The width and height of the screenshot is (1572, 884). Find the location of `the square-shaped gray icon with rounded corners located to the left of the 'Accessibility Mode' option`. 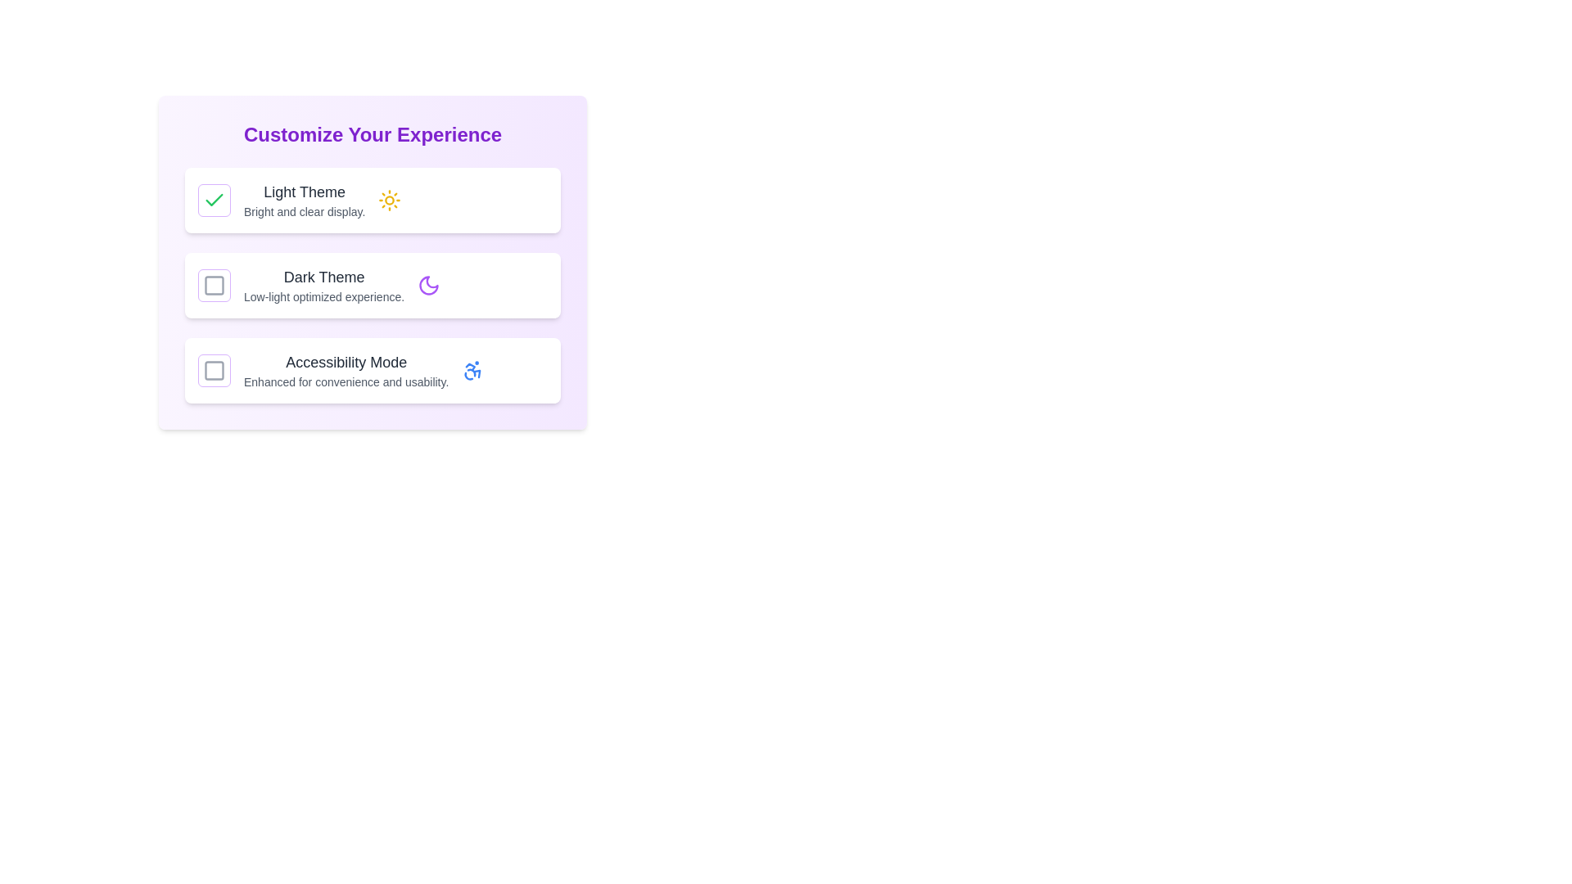

the square-shaped gray icon with rounded corners located to the left of the 'Accessibility Mode' option is located at coordinates (214, 370).